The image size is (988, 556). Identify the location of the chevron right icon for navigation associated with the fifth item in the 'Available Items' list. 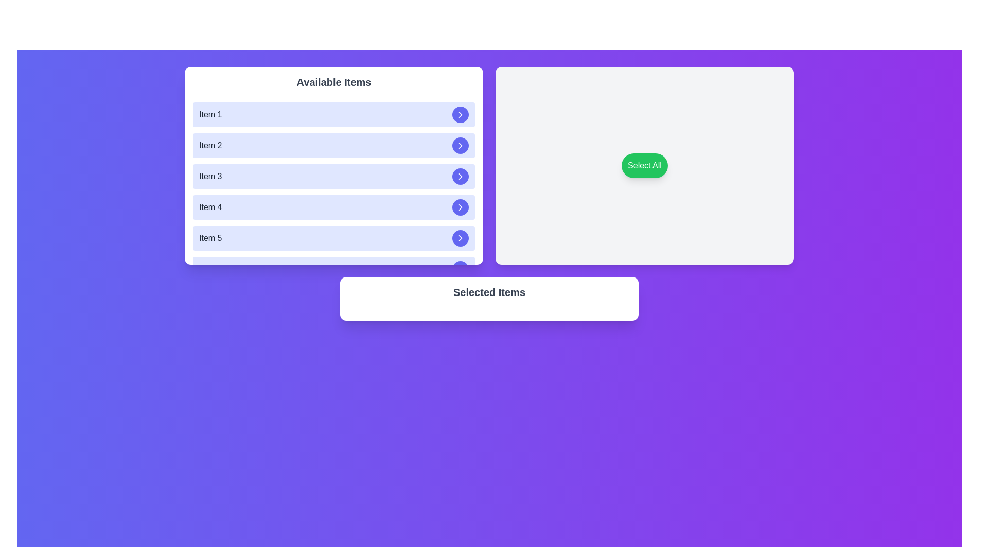
(460, 238).